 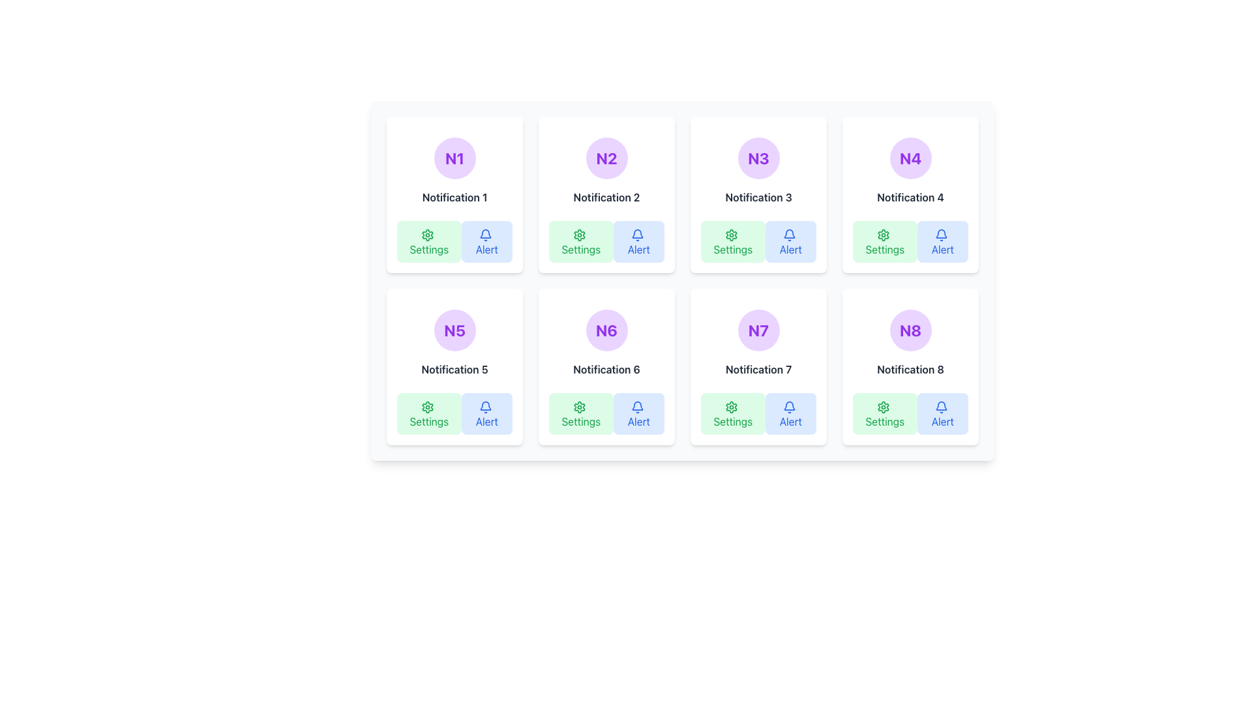 What do you see at coordinates (732, 235) in the screenshot?
I see `the settings icon located at the bottom left of the 'Notification 3' card` at bounding box center [732, 235].